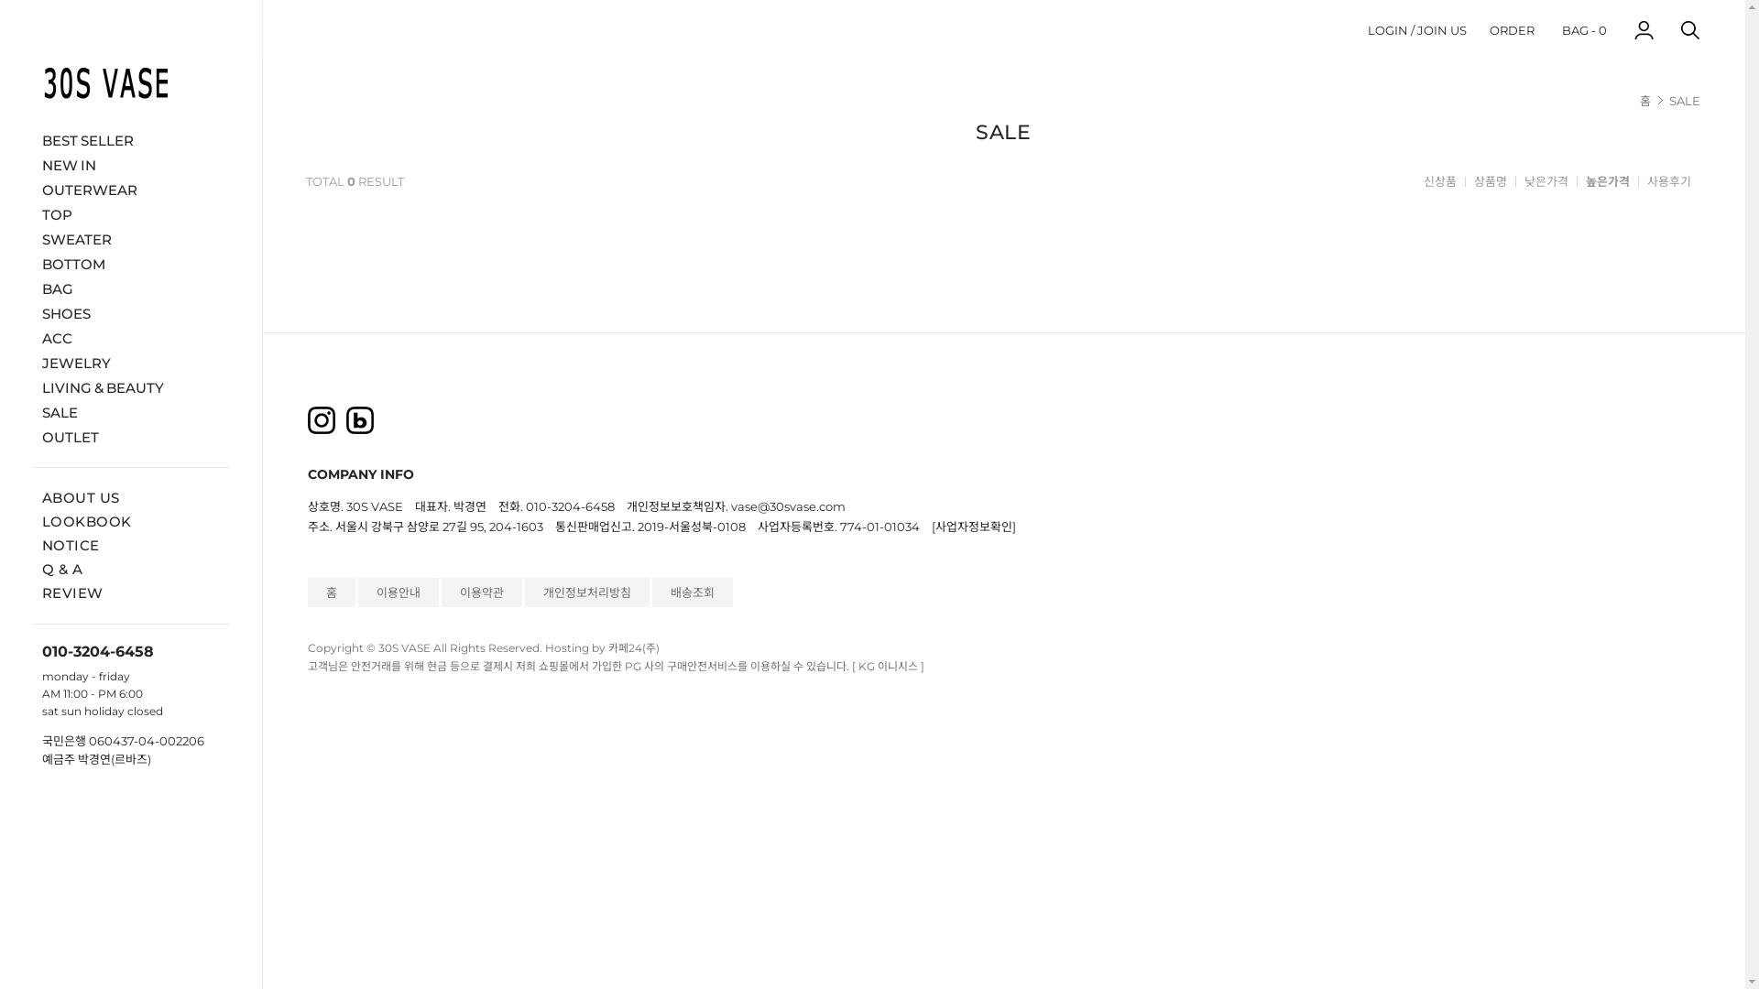 Image resolution: width=1759 pixels, height=989 pixels. I want to click on 'ABOUT US', so click(80, 497).